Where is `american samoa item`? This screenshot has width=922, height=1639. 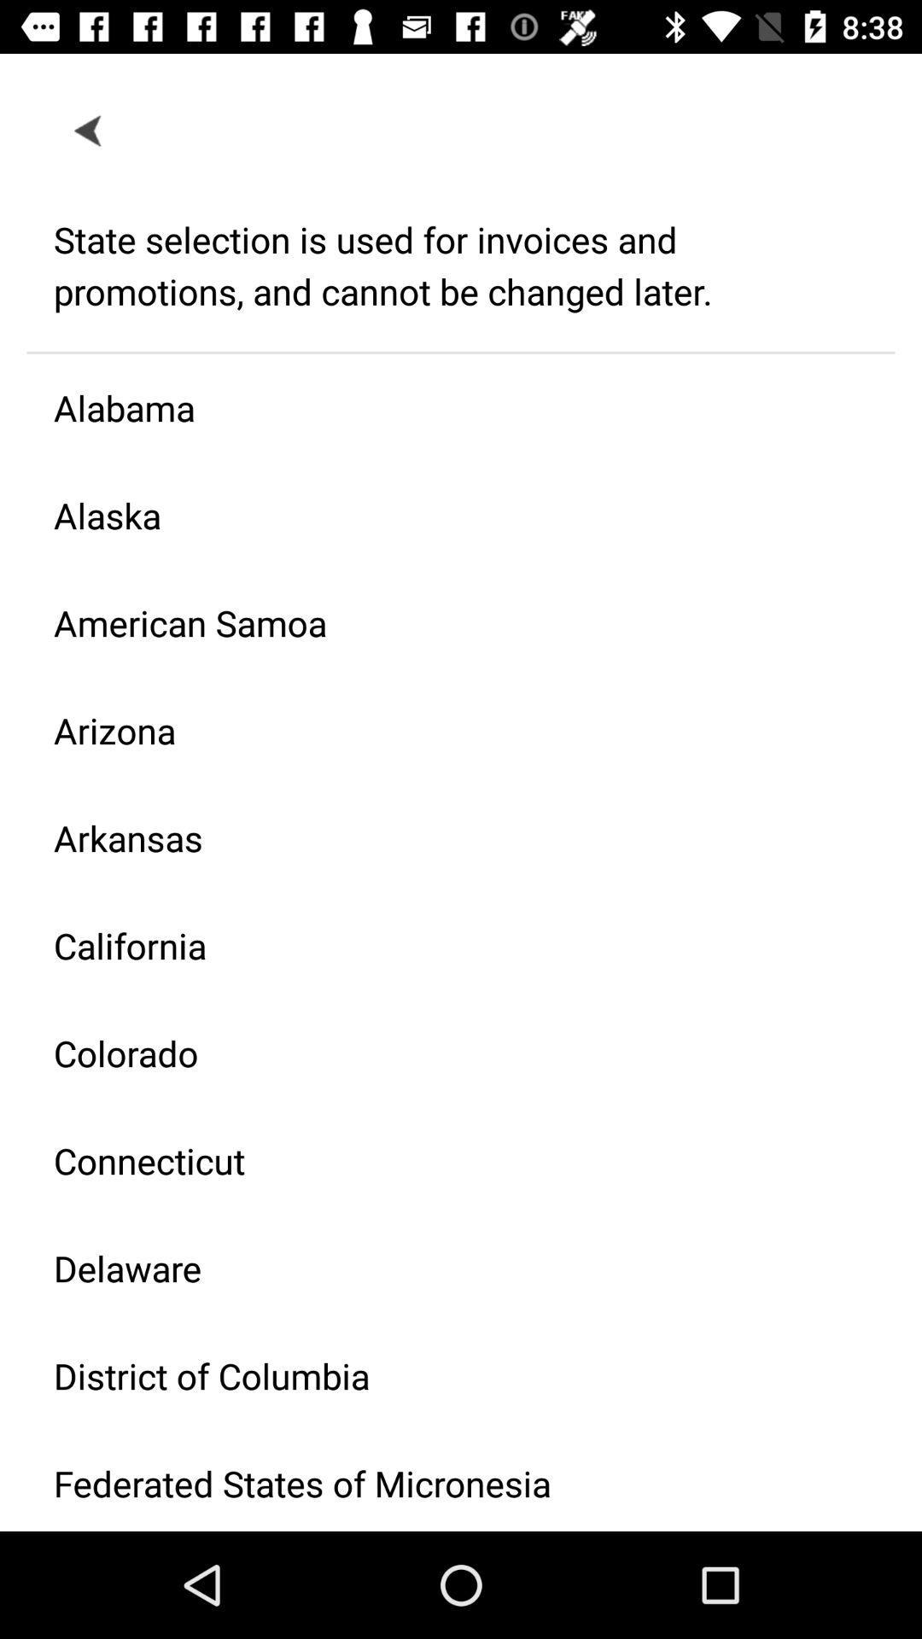
american samoa item is located at coordinates (446, 621).